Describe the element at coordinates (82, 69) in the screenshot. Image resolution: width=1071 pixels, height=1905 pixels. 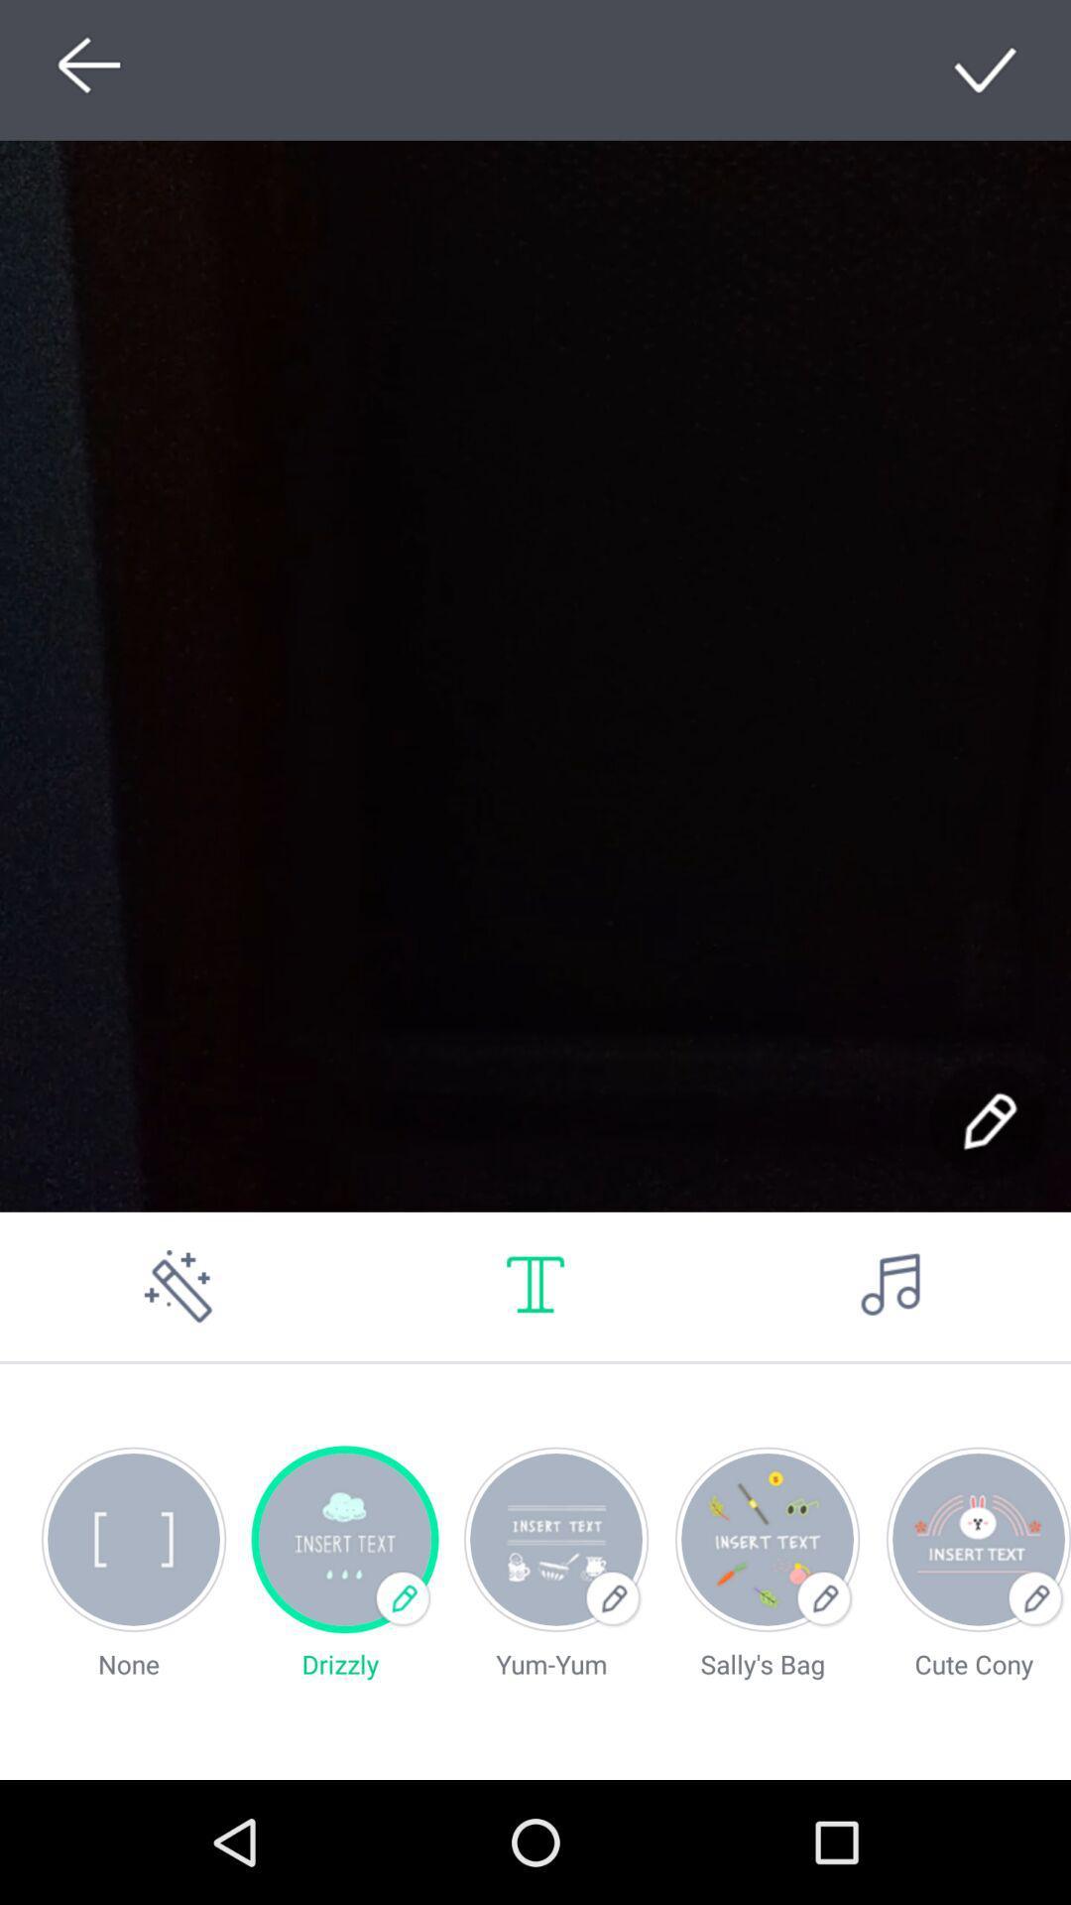
I see `go previous` at that location.